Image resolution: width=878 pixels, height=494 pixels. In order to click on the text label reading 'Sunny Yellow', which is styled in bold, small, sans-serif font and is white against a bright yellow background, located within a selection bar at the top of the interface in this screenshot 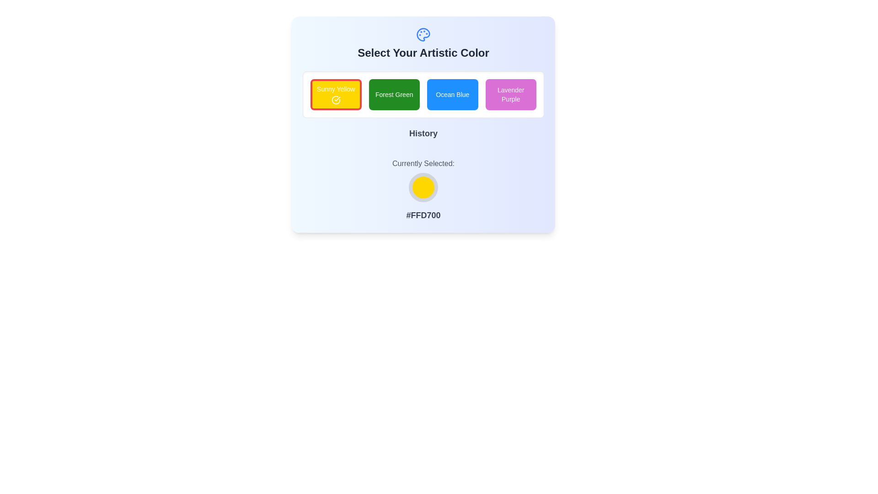, I will do `click(335, 89)`.